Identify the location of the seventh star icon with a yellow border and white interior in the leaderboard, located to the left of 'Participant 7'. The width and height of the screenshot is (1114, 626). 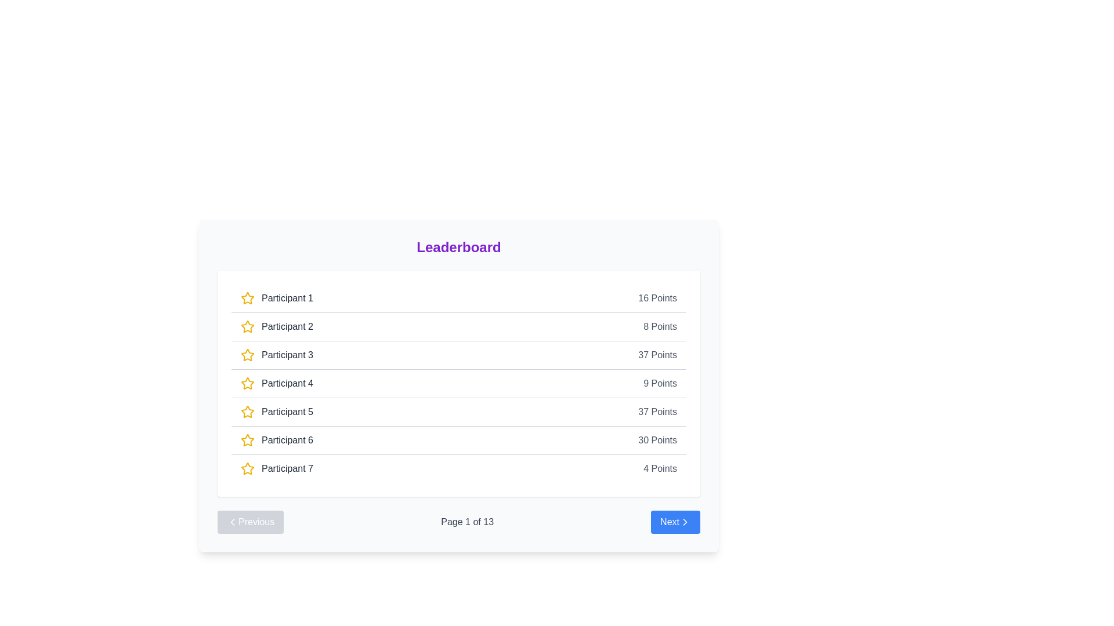
(247, 468).